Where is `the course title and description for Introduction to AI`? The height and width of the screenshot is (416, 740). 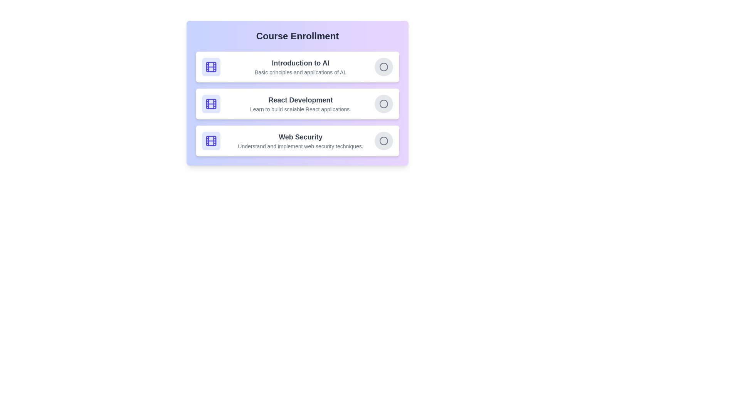
the course title and description for Introduction to AI is located at coordinates (300, 63).